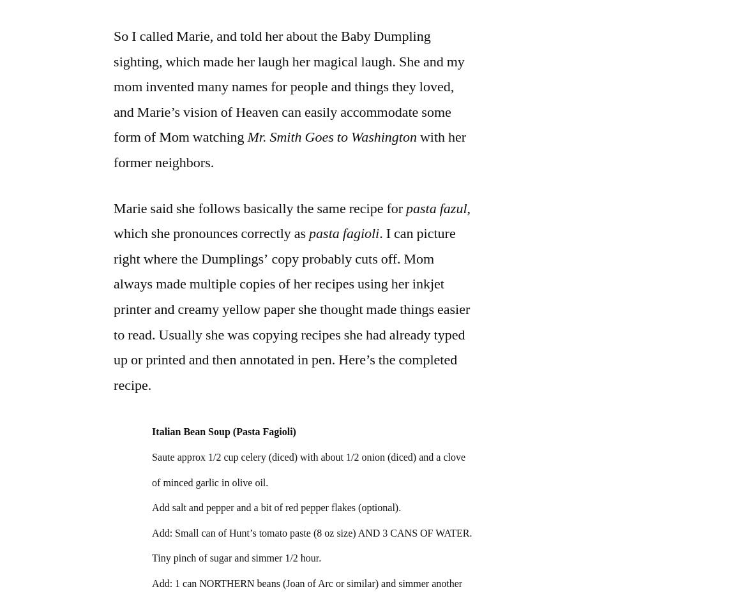  Describe the element at coordinates (331, 136) in the screenshot. I see `'Mr. Smith Goes to Washington'` at that location.